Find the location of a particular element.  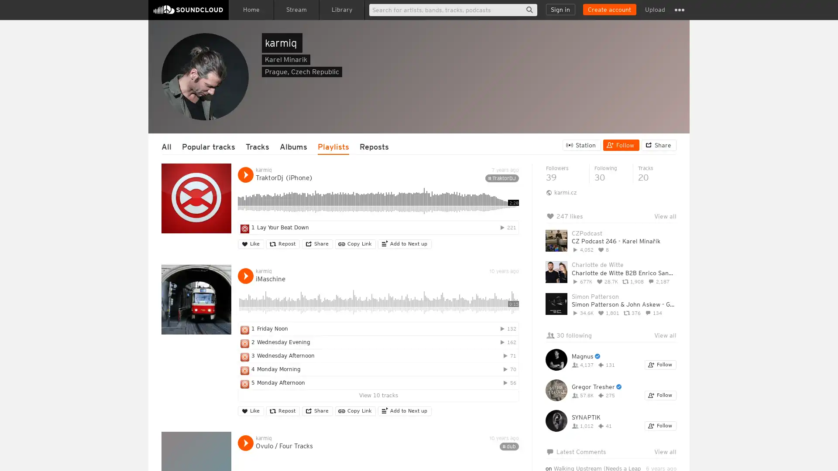

Play is located at coordinates (245, 175).